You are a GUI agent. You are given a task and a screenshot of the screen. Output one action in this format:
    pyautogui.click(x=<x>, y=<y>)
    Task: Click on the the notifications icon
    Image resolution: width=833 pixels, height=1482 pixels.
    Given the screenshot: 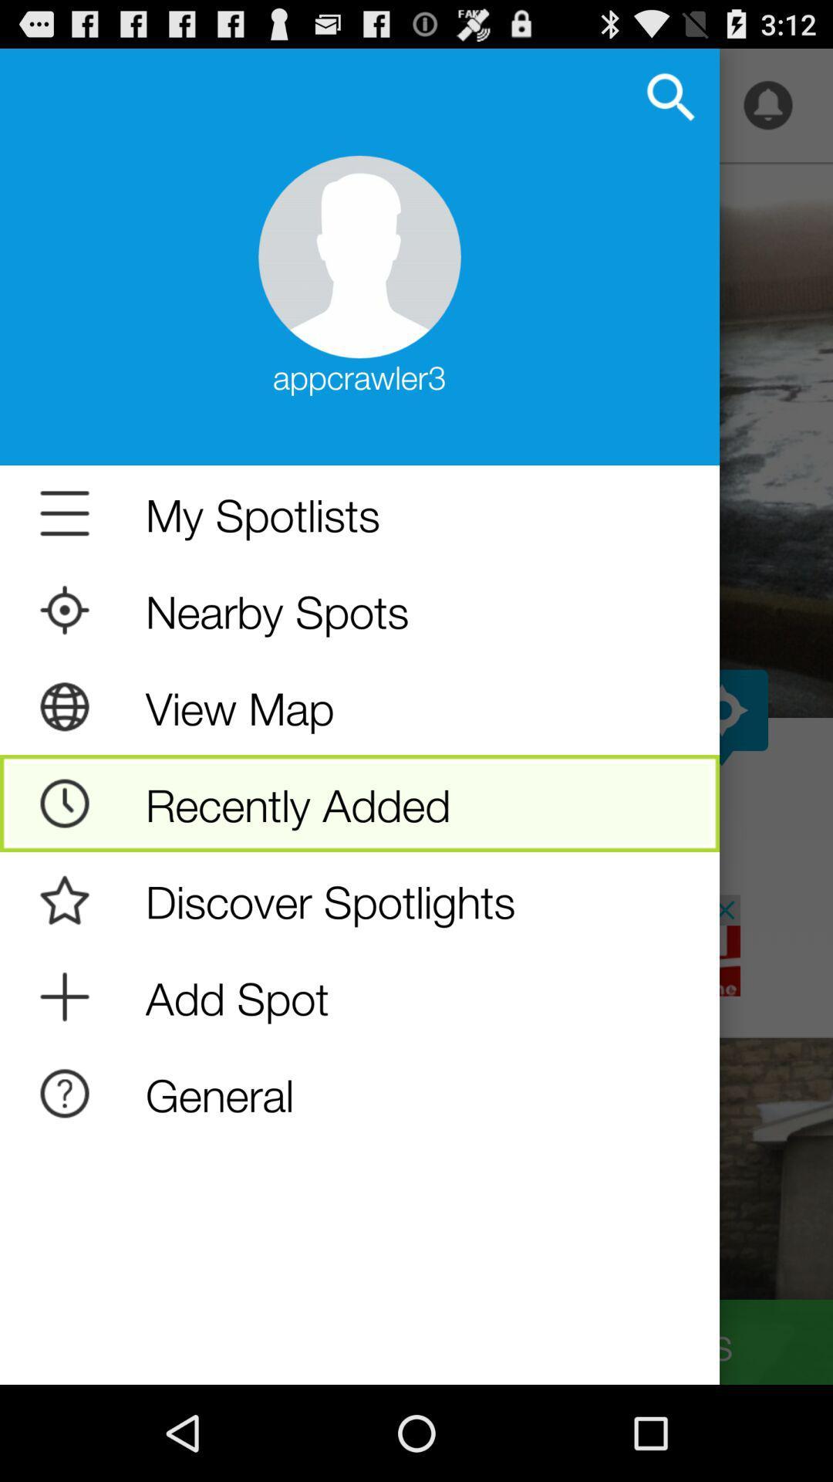 What is the action you would take?
    pyautogui.click(x=767, y=112)
    